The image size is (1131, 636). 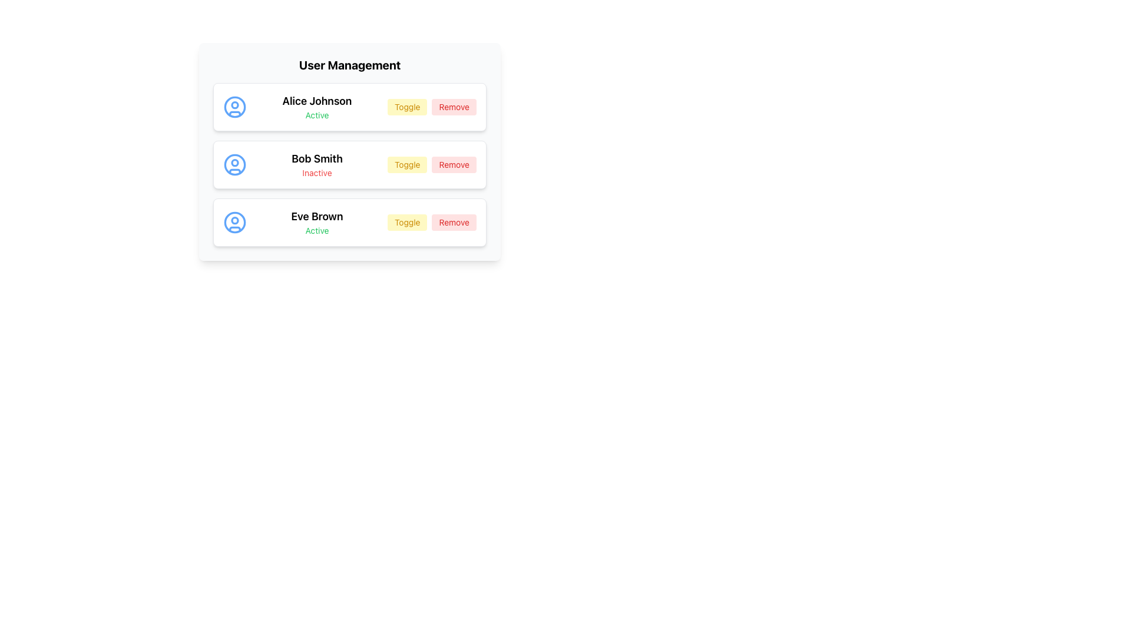 What do you see at coordinates (234, 107) in the screenshot?
I see `the user icon representing 'Alice Johnson'` at bounding box center [234, 107].